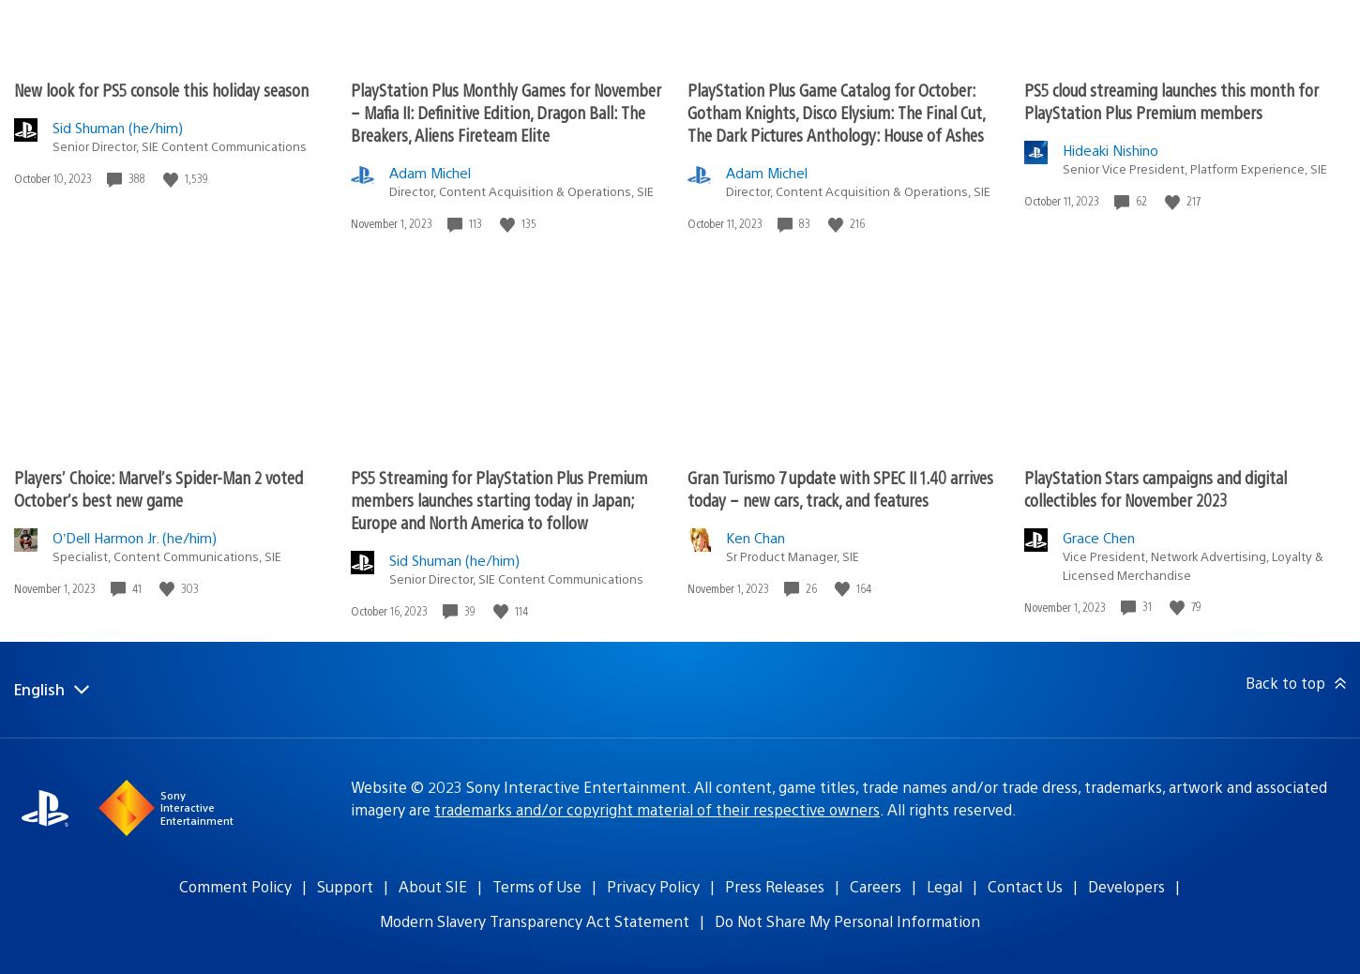  I want to click on 'I. NEED. This.', so click(158, 63).